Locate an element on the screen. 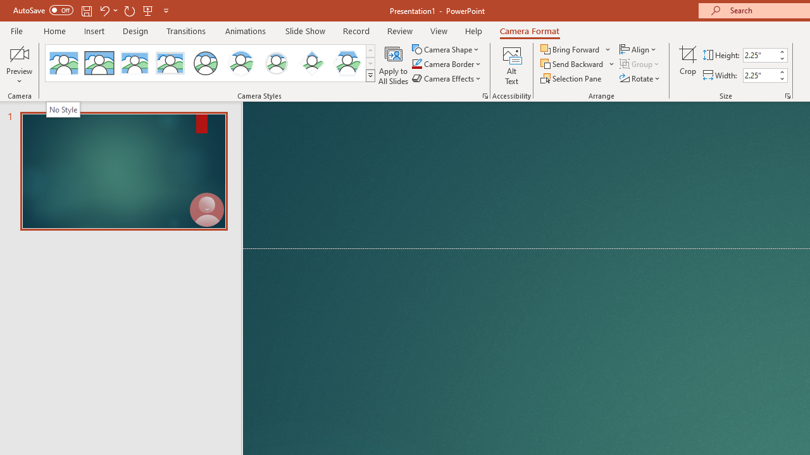 The image size is (810, 455). 'Camera Format' is located at coordinates (530, 30).